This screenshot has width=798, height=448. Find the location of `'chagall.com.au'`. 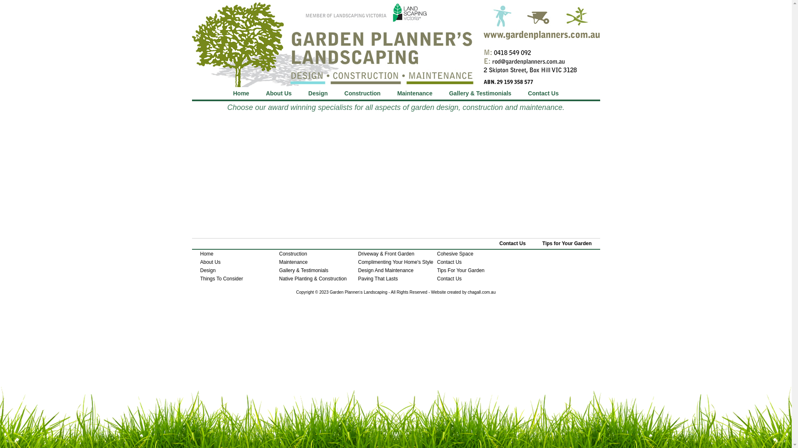

'chagall.com.au' is located at coordinates (481, 292).